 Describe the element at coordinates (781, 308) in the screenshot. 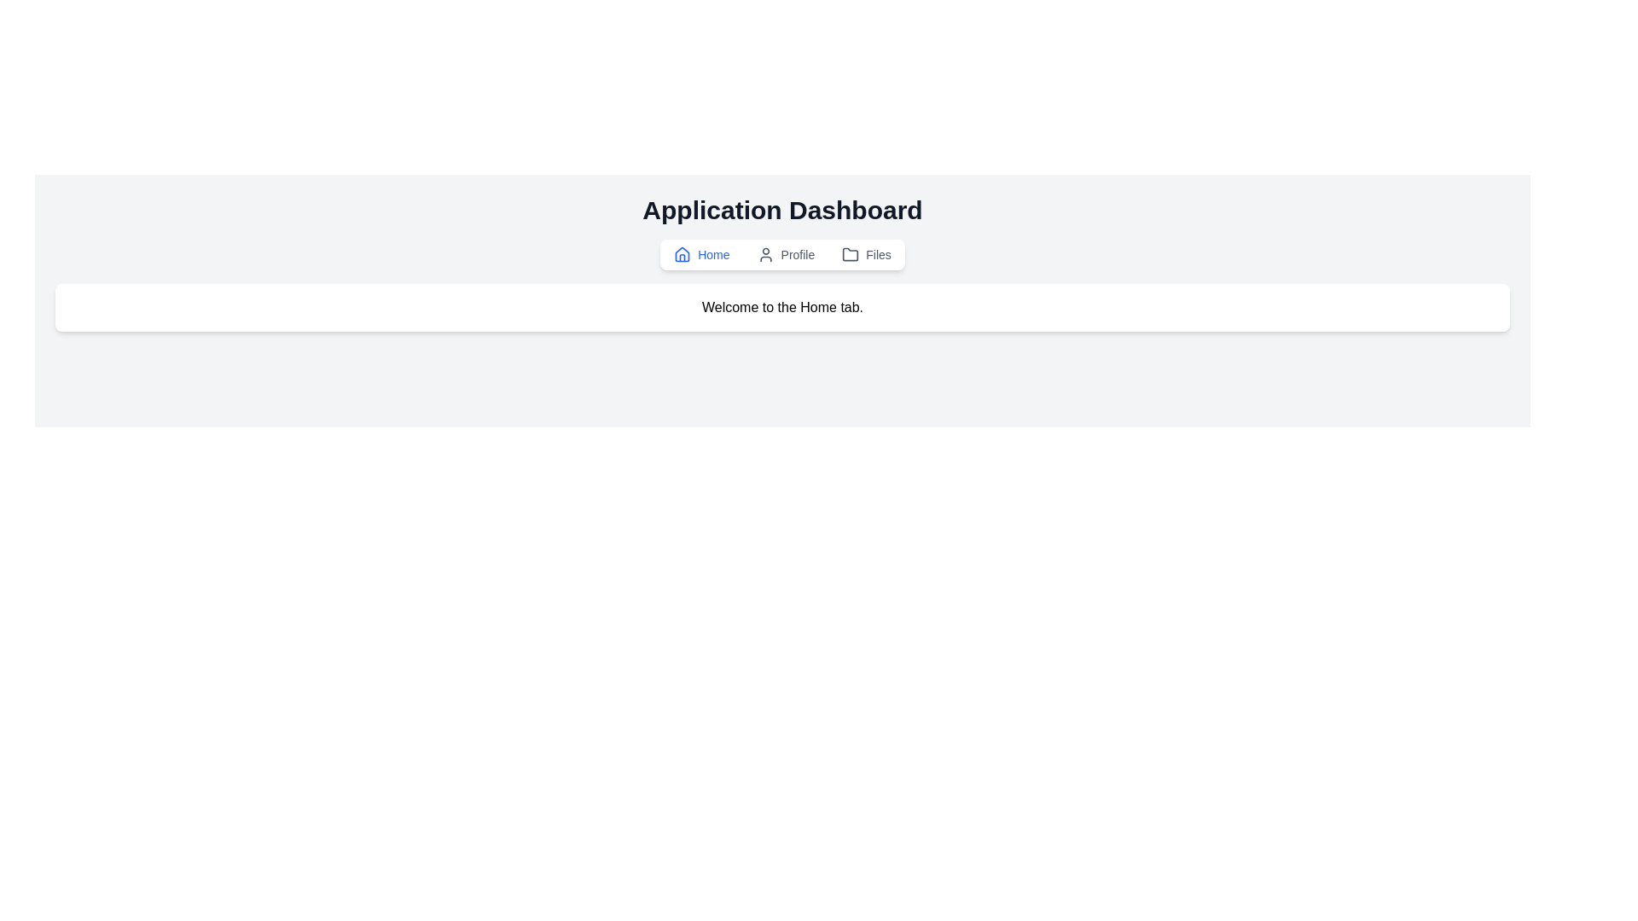

I see `the informational static text label welcoming users to the Home tab, located centrally beneath the navigation bar` at that location.